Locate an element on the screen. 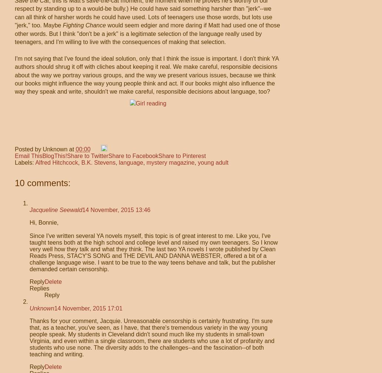 Image resolution: width=382 pixels, height=373 pixels. '10 comments:' is located at coordinates (42, 183).